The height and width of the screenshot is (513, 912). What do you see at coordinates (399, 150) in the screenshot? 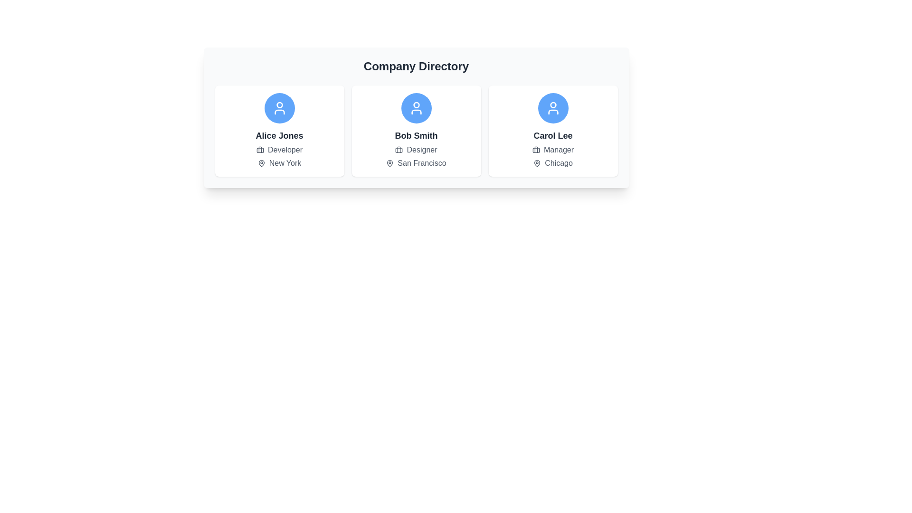
I see `profession icon representing 'Designer' for user 'Bob Smith', located in the middle column of the profile card under 'Company Directory'` at bounding box center [399, 150].